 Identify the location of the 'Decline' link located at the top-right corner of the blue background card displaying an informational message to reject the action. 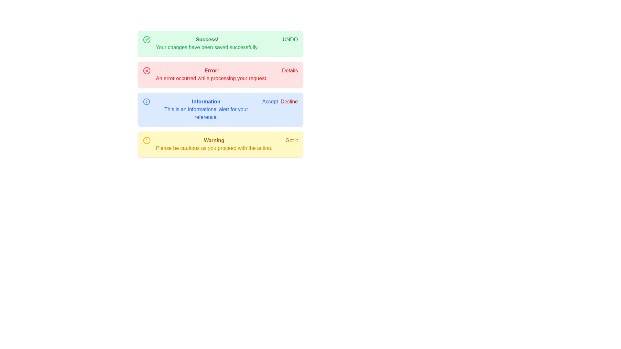
(280, 102).